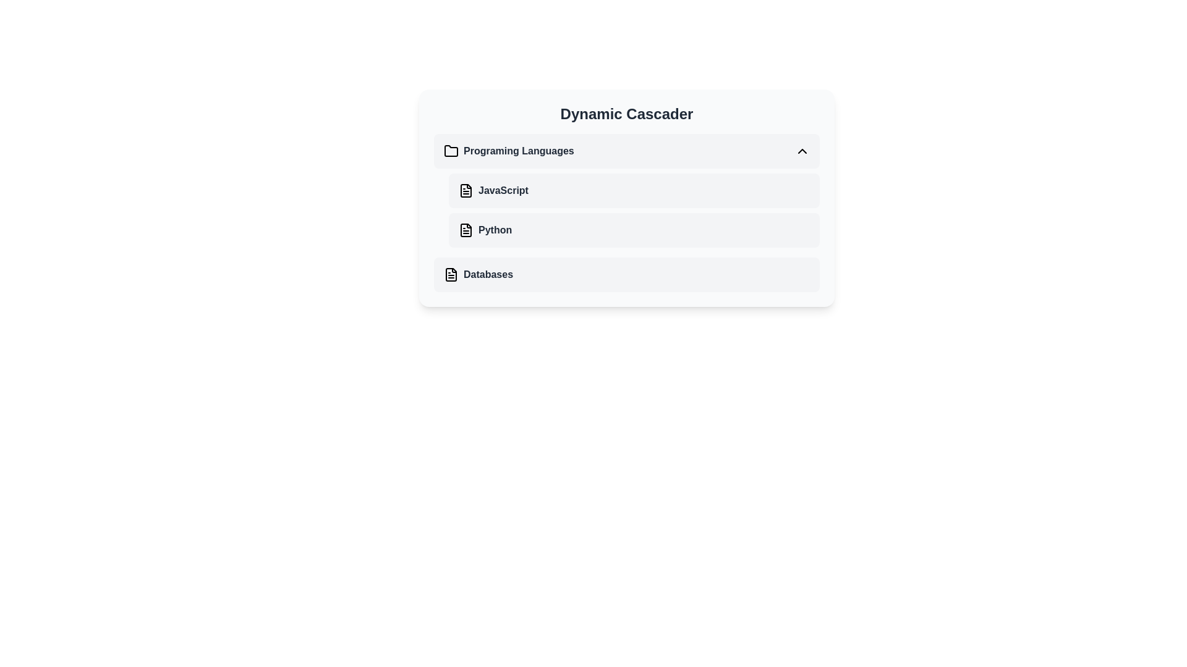 The image size is (1187, 667). Describe the element at coordinates (626, 197) in the screenshot. I see `the 'JavaScript' option in the 'Dynamic Cascader' dropdown menu, which is styled with a light background and rounded edges, located between 'Programing Languages' and 'Python'` at that location.